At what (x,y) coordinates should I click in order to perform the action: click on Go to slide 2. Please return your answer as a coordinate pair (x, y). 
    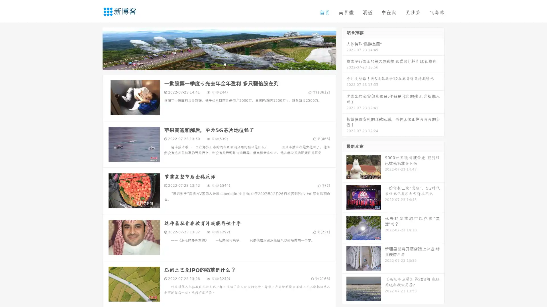
    Looking at the image, I should click on (219, 64).